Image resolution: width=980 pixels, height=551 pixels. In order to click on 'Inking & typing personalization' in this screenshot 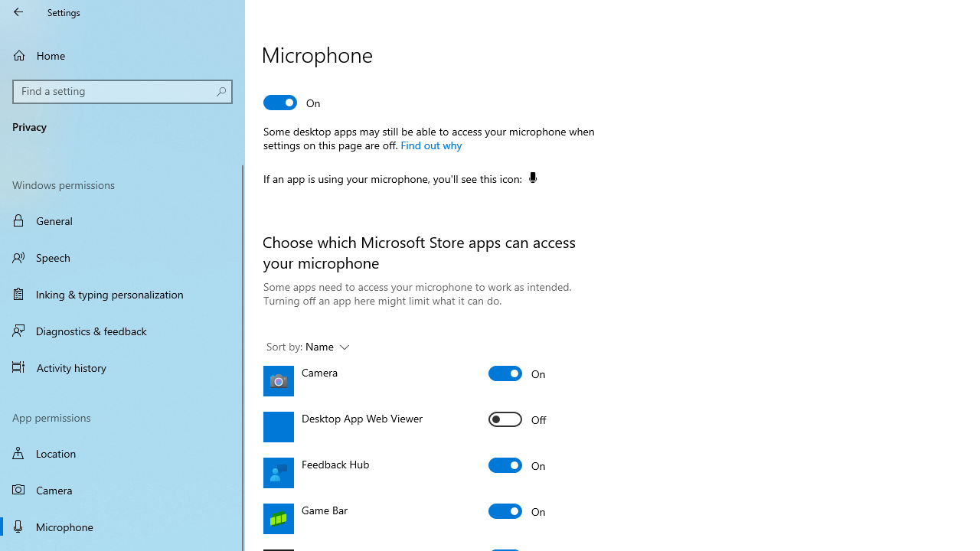, I will do `click(122, 294)`.